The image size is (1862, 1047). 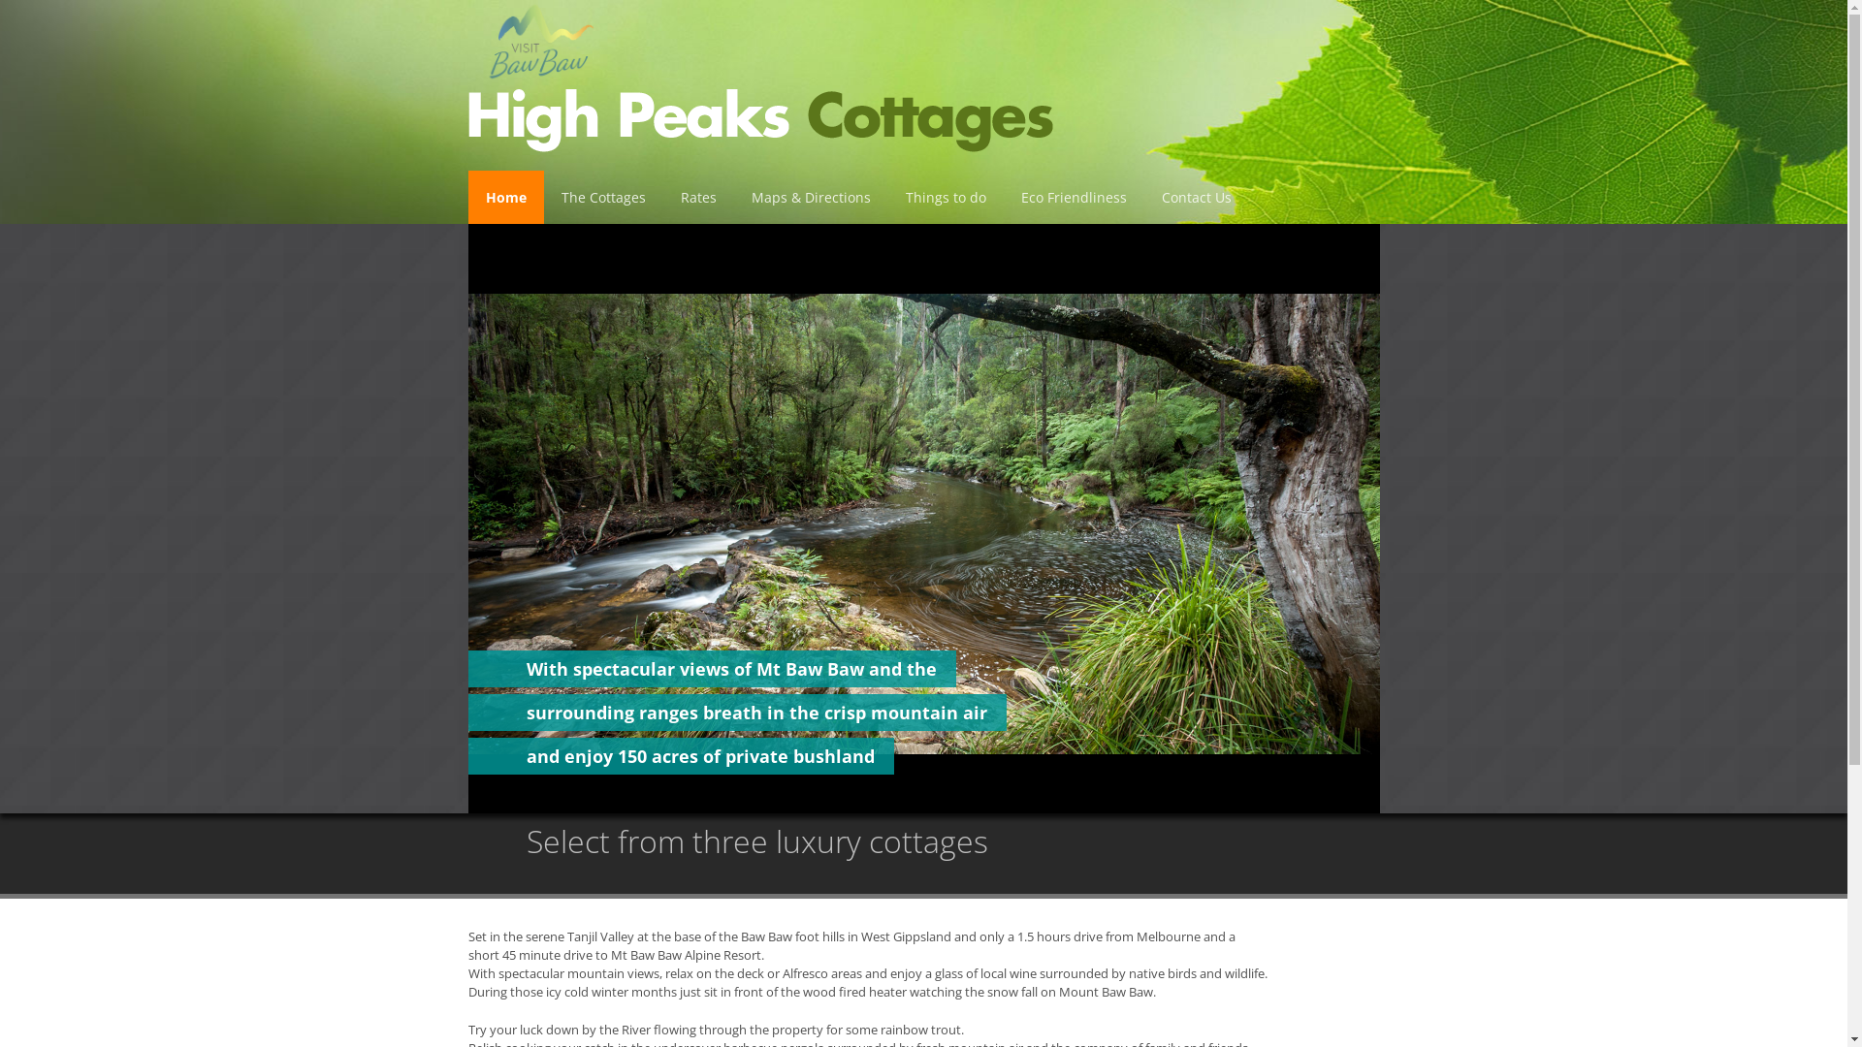 What do you see at coordinates (663, 197) in the screenshot?
I see `'Rates'` at bounding box center [663, 197].